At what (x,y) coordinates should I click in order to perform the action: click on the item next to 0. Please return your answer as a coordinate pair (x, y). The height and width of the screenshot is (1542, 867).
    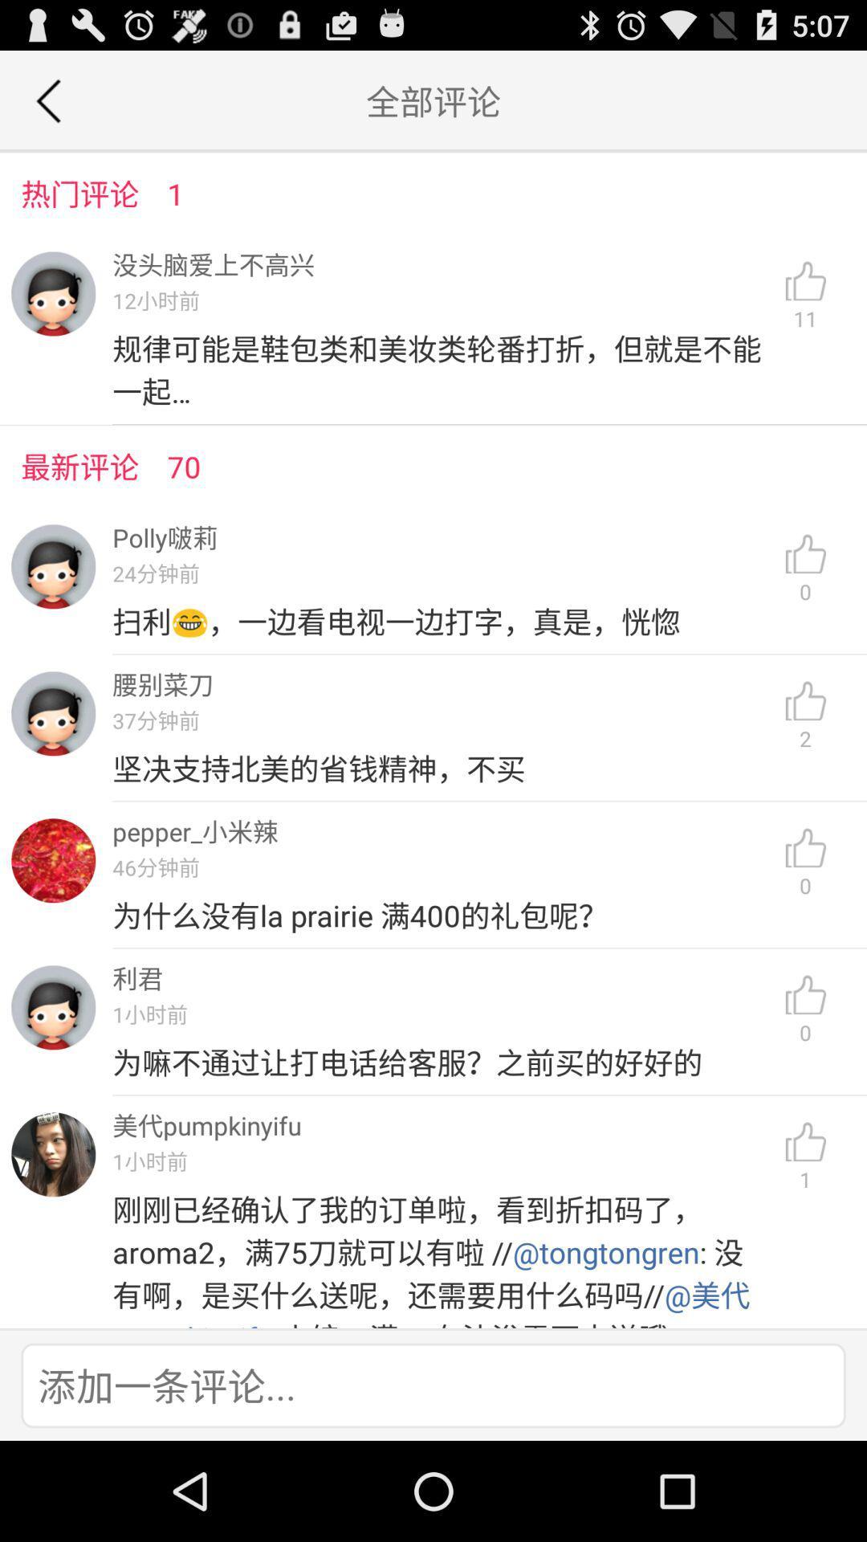
    Looking at the image, I should click on (442, 1063).